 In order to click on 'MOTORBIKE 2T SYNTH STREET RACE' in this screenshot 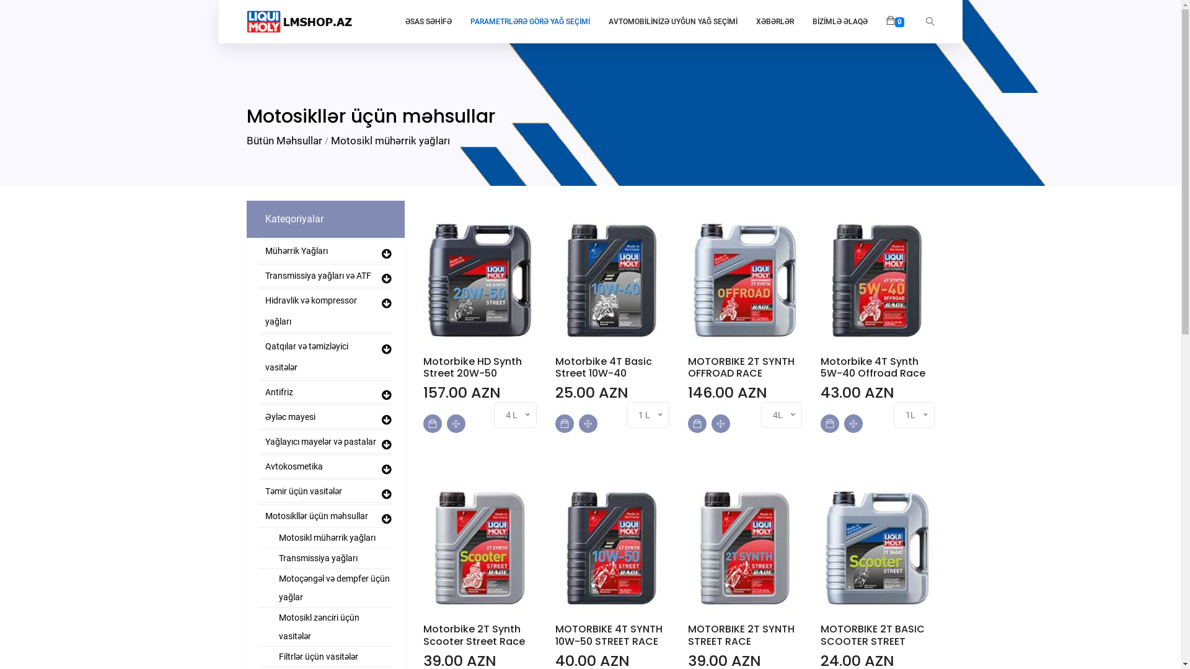, I will do `click(744, 635)`.